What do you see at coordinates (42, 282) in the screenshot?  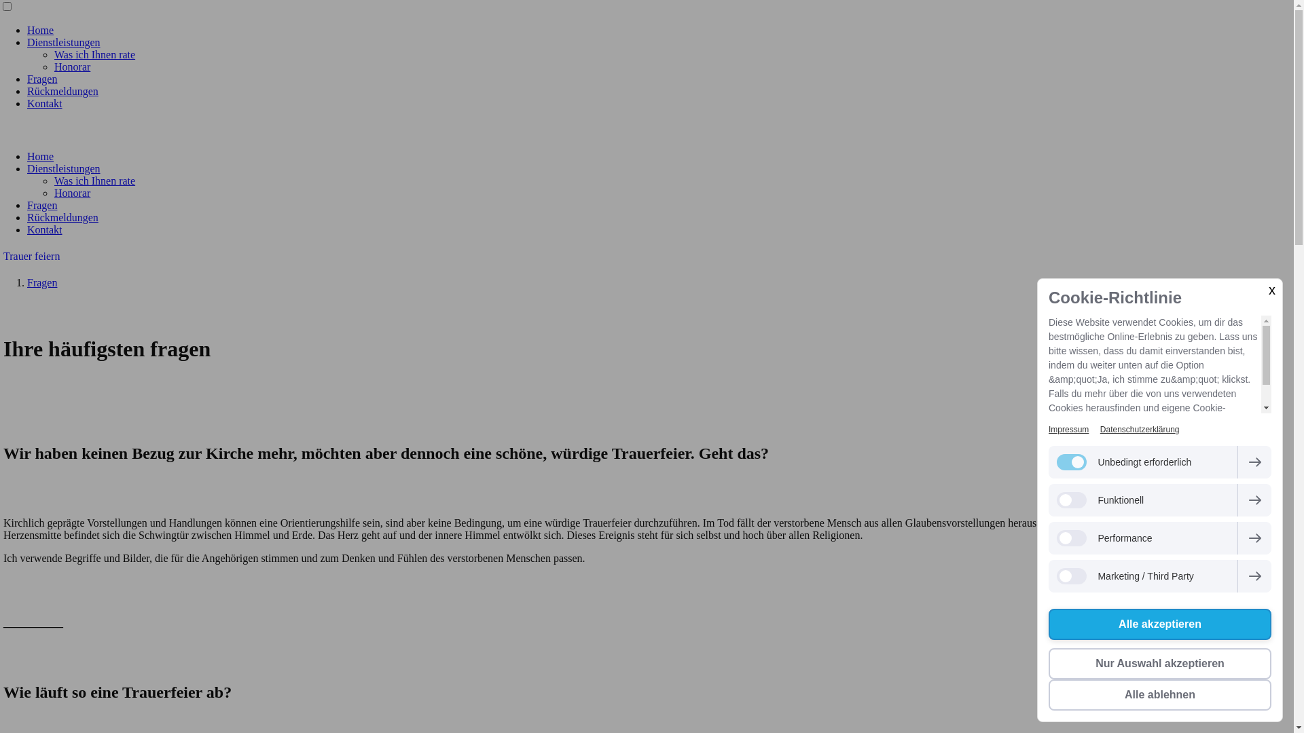 I see `'Fragen'` at bounding box center [42, 282].